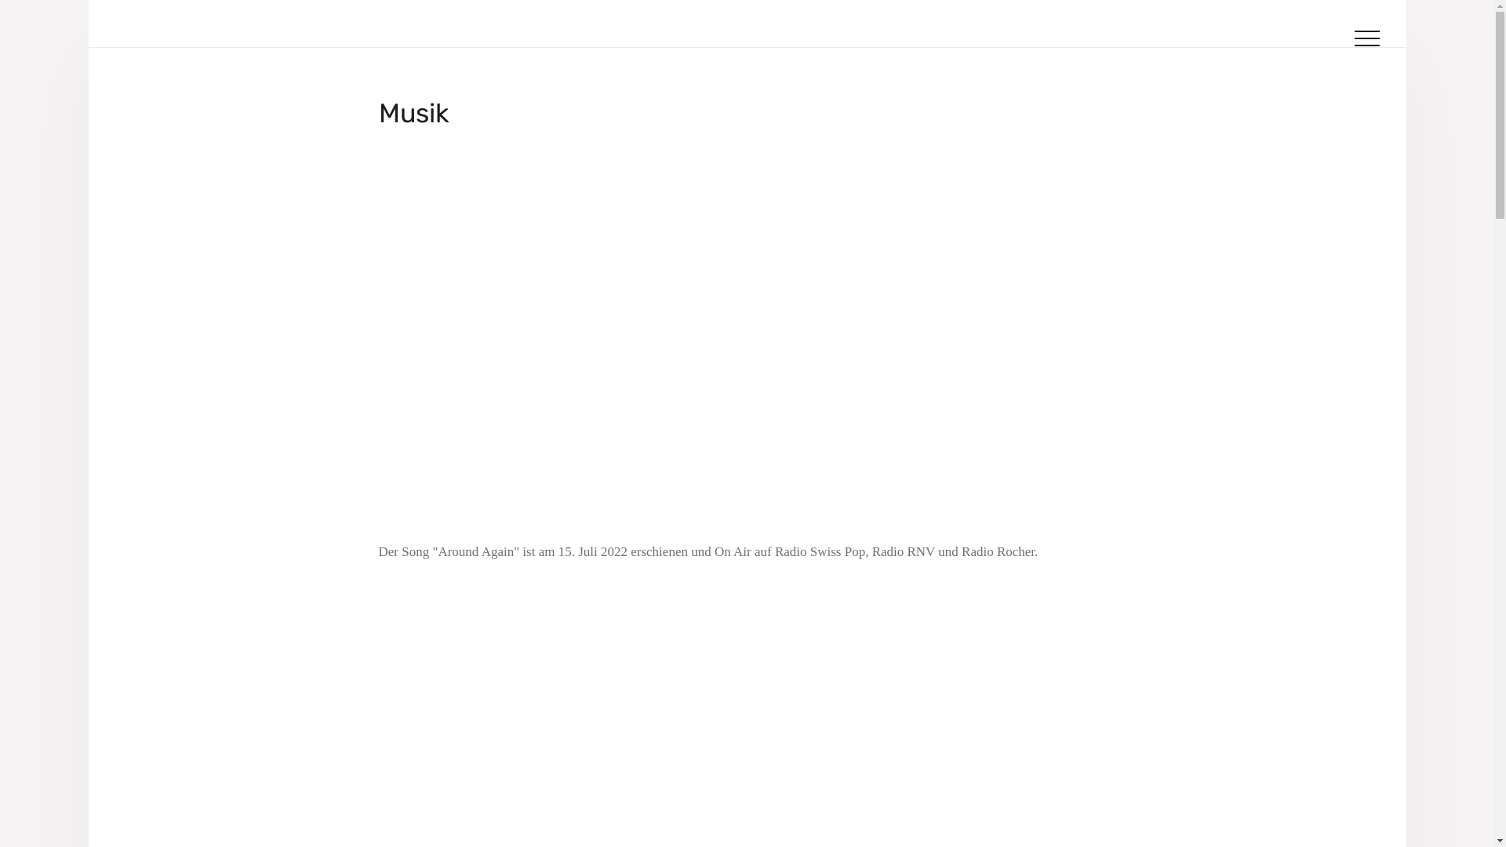 This screenshot has width=1506, height=847. What do you see at coordinates (597, 337) in the screenshot?
I see `'YouTube video player'` at bounding box center [597, 337].